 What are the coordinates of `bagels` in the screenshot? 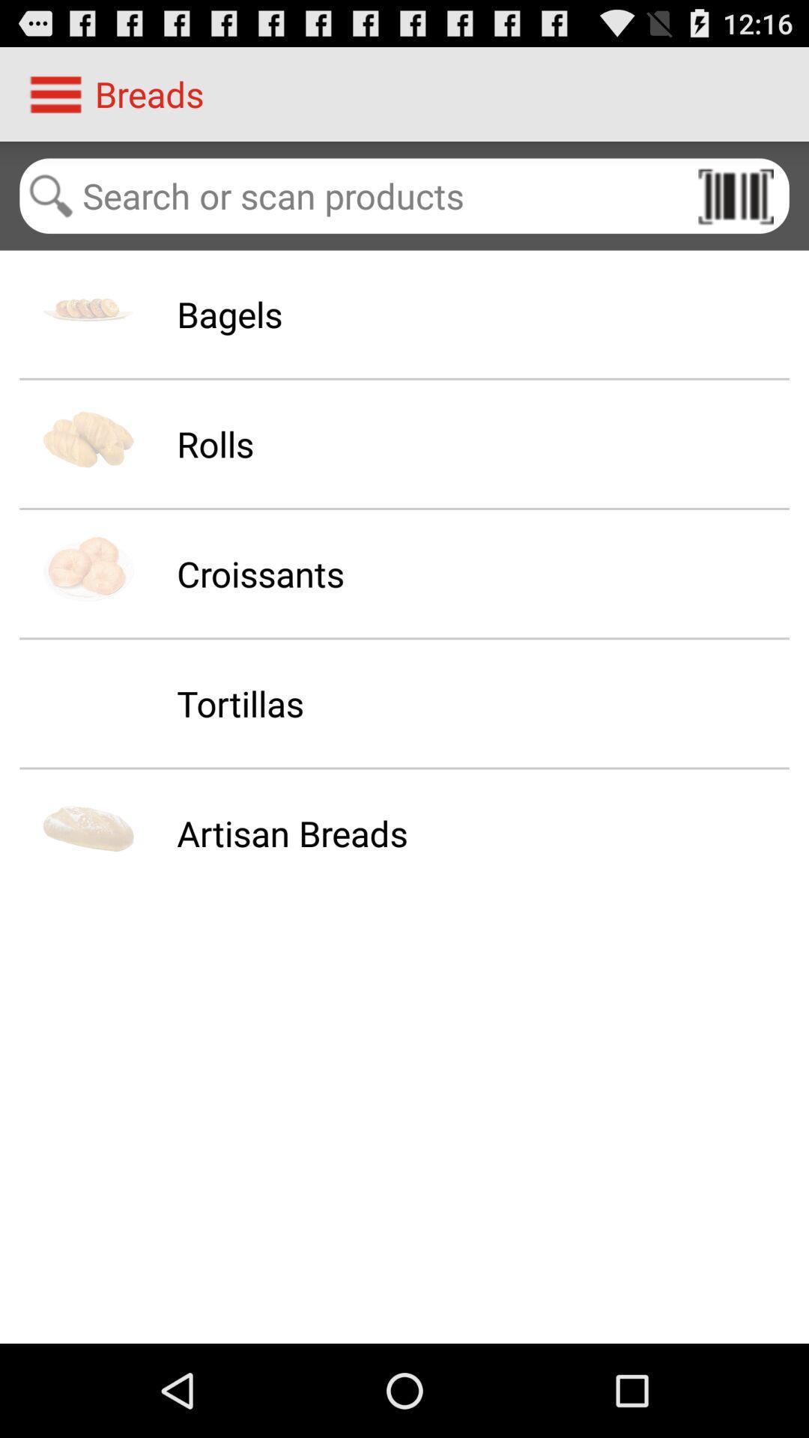 It's located at (229, 313).